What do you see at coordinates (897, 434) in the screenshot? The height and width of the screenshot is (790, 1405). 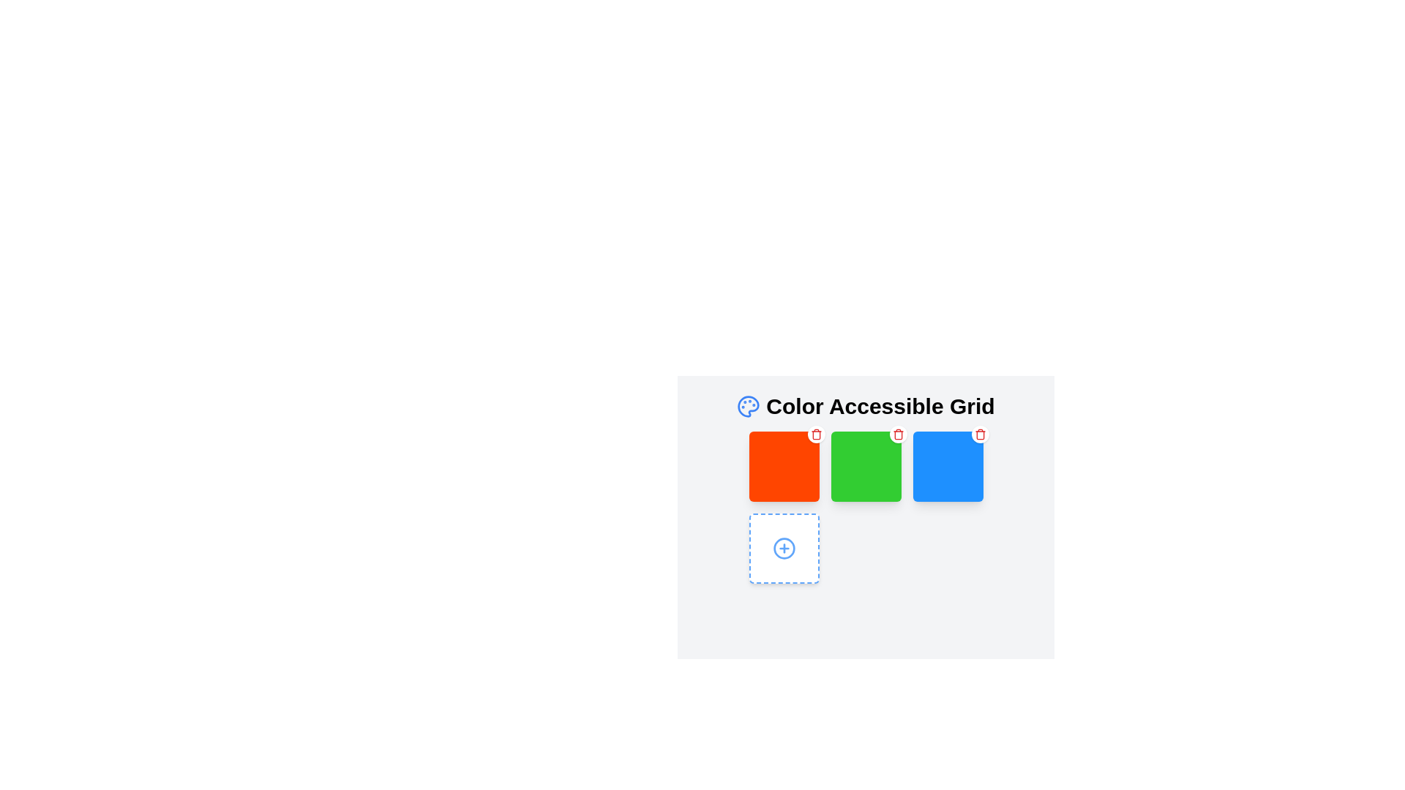 I see `the trash can icon located in the top-right corner of the green square` at bounding box center [897, 434].